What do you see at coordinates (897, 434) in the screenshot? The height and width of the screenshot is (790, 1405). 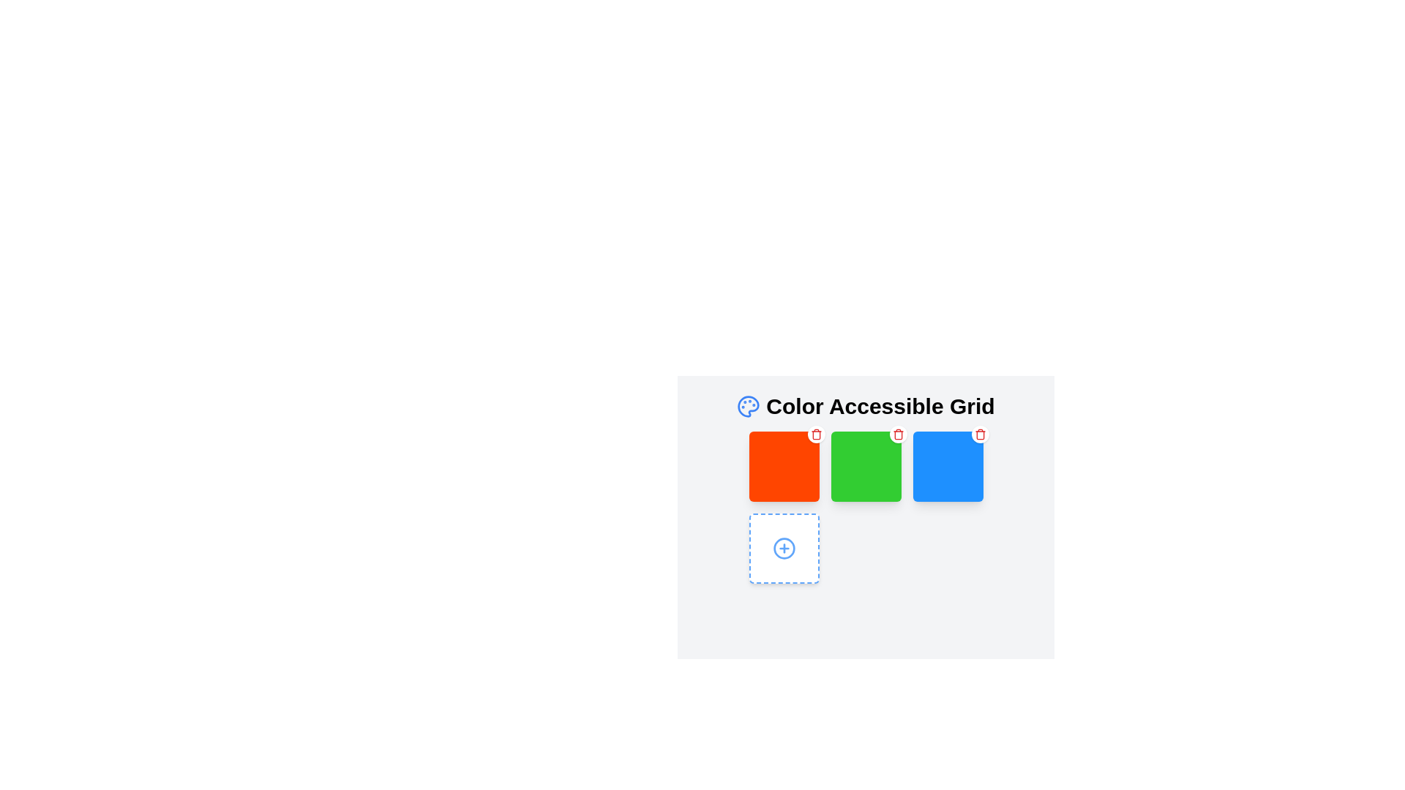 I see `the trash can icon located in the top-right corner of the green square` at bounding box center [897, 434].